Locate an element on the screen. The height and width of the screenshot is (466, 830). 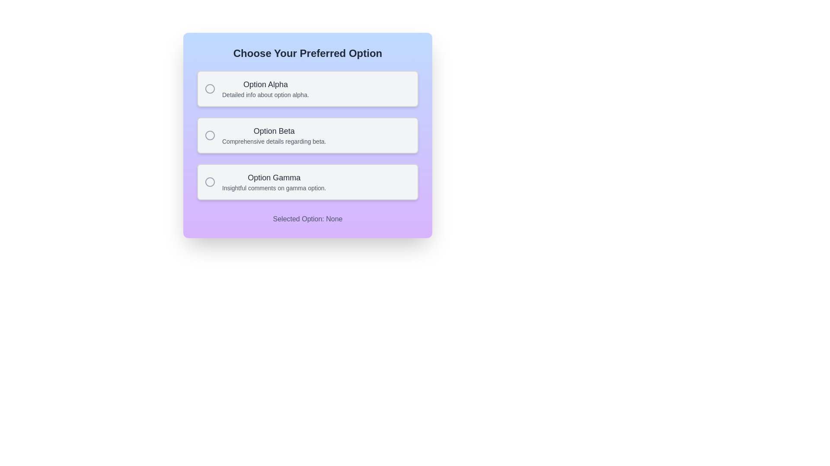
the RadioButton associated with 'Option Gamma' is located at coordinates (210, 181).